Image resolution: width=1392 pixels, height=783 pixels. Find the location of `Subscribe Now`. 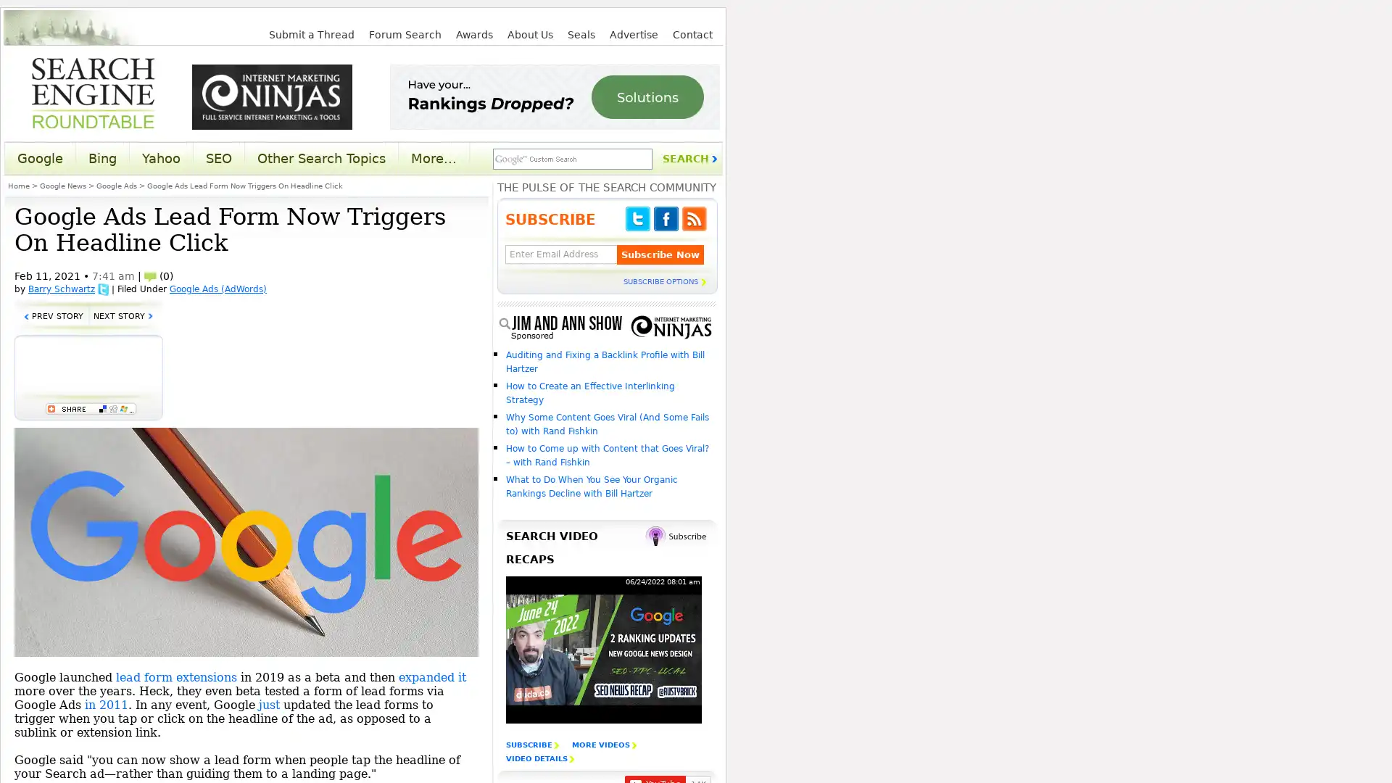

Subscribe Now is located at coordinates (660, 254).